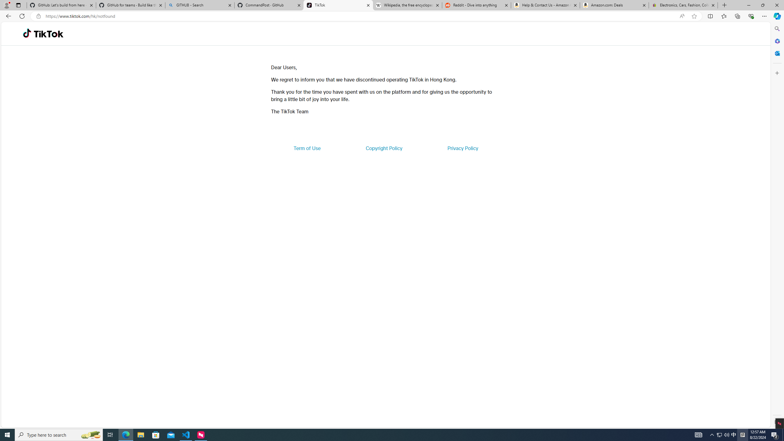 The width and height of the screenshot is (784, 441). What do you see at coordinates (307, 148) in the screenshot?
I see `'Term of Use'` at bounding box center [307, 148].